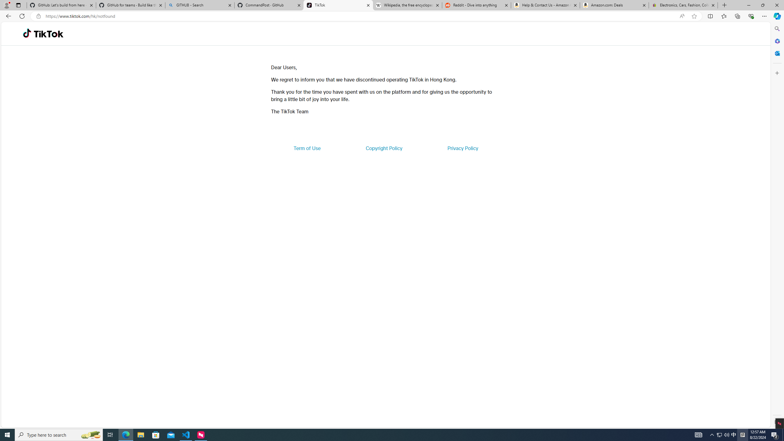 The width and height of the screenshot is (784, 441). What do you see at coordinates (307, 148) in the screenshot?
I see `'Term of Use'` at bounding box center [307, 148].